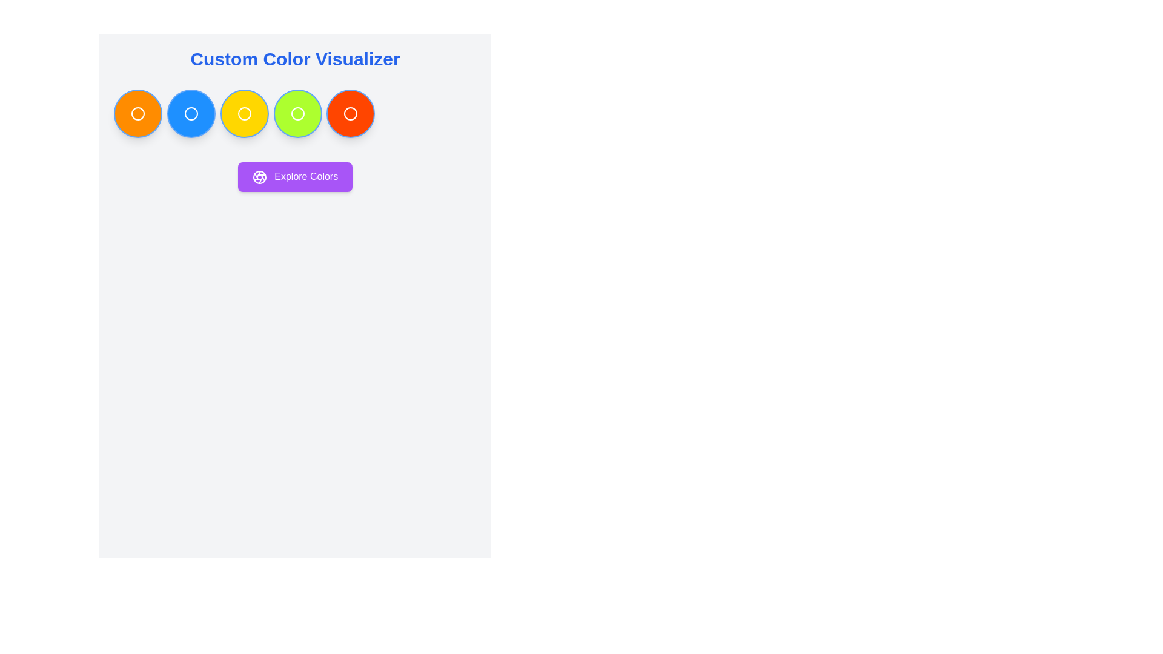 This screenshot has height=654, width=1163. What do you see at coordinates (190, 114) in the screenshot?
I see `on the second icon in the horizontal row of circles beneath the 'Custom Color Visualizer' heading, which is a circle with a blue background and a white border` at bounding box center [190, 114].